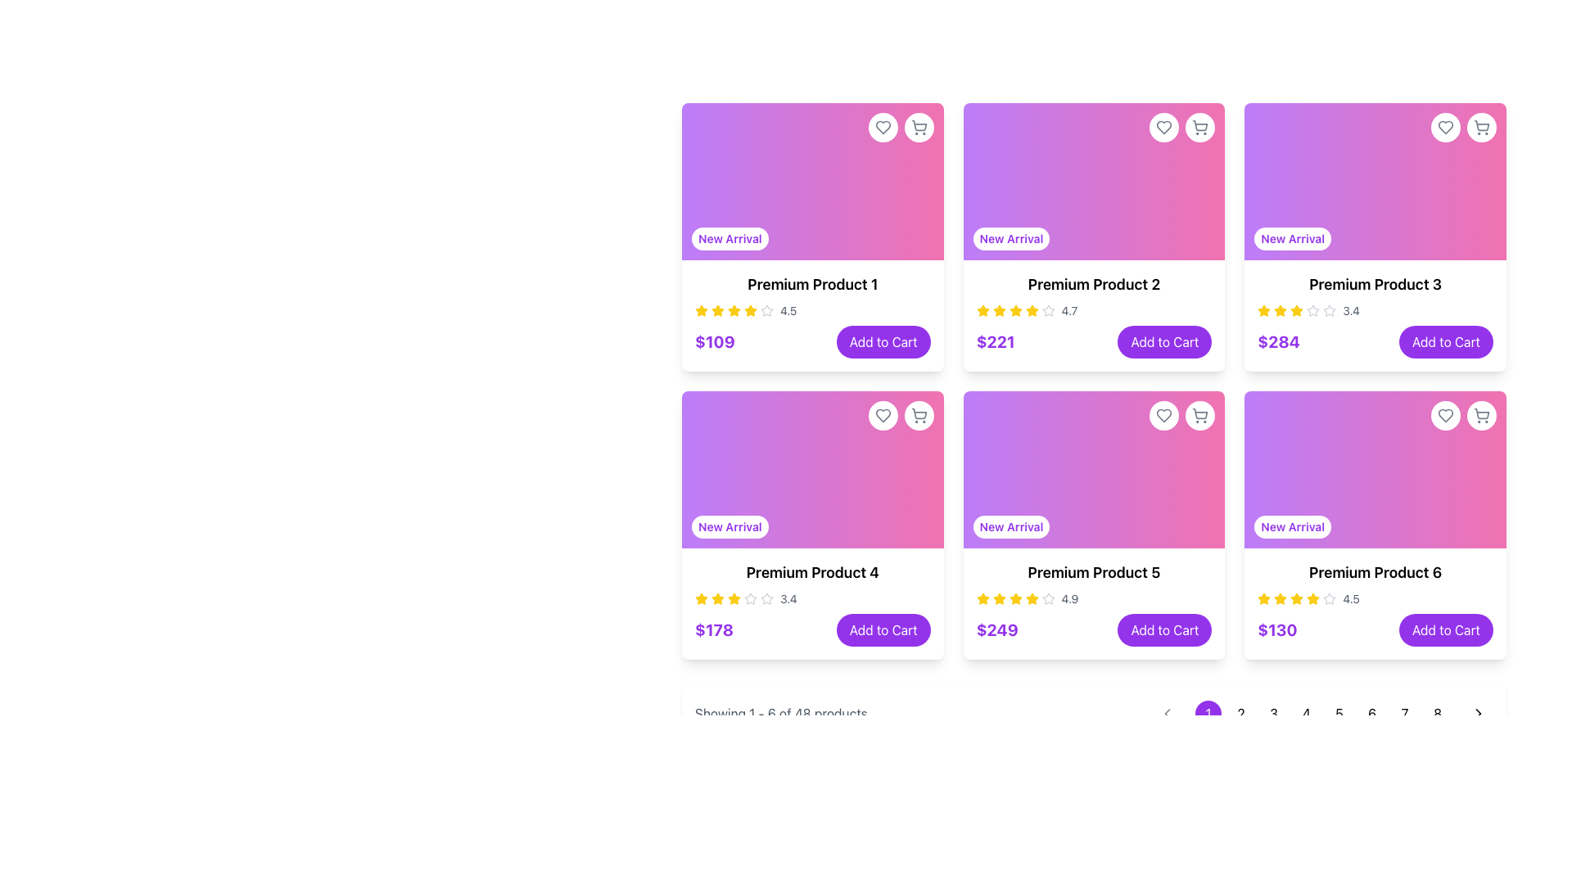 The height and width of the screenshot is (884, 1572). What do you see at coordinates (715, 341) in the screenshot?
I see `the text label displaying '$109' in vibrant purple color, styled with a bold font, located below the star rating component and to the left of the 'Add to Cart' button` at bounding box center [715, 341].